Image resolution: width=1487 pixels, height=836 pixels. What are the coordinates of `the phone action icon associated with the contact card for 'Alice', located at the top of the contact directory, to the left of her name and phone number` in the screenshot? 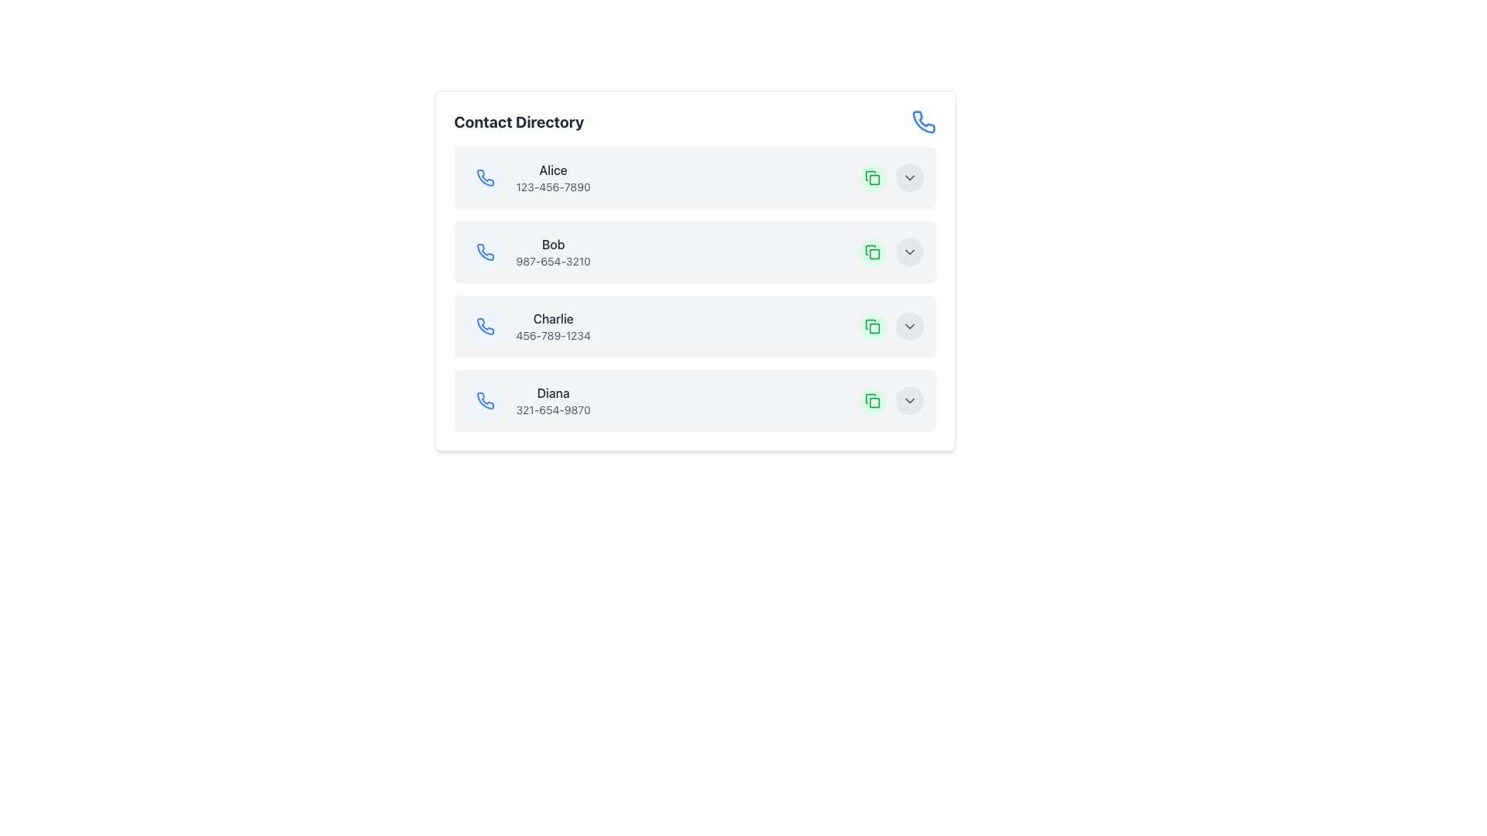 It's located at (484, 176).